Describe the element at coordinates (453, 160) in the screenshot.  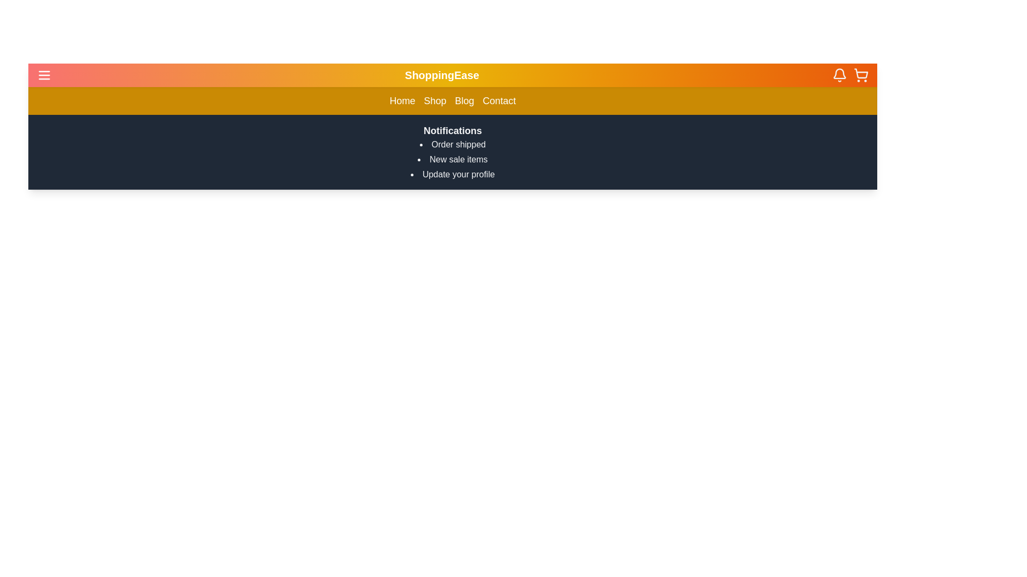
I see `the text label displaying 'New sale items' which is the second item in the Notifications list, located below 'Order shipped' and above 'Update your profile'` at that location.